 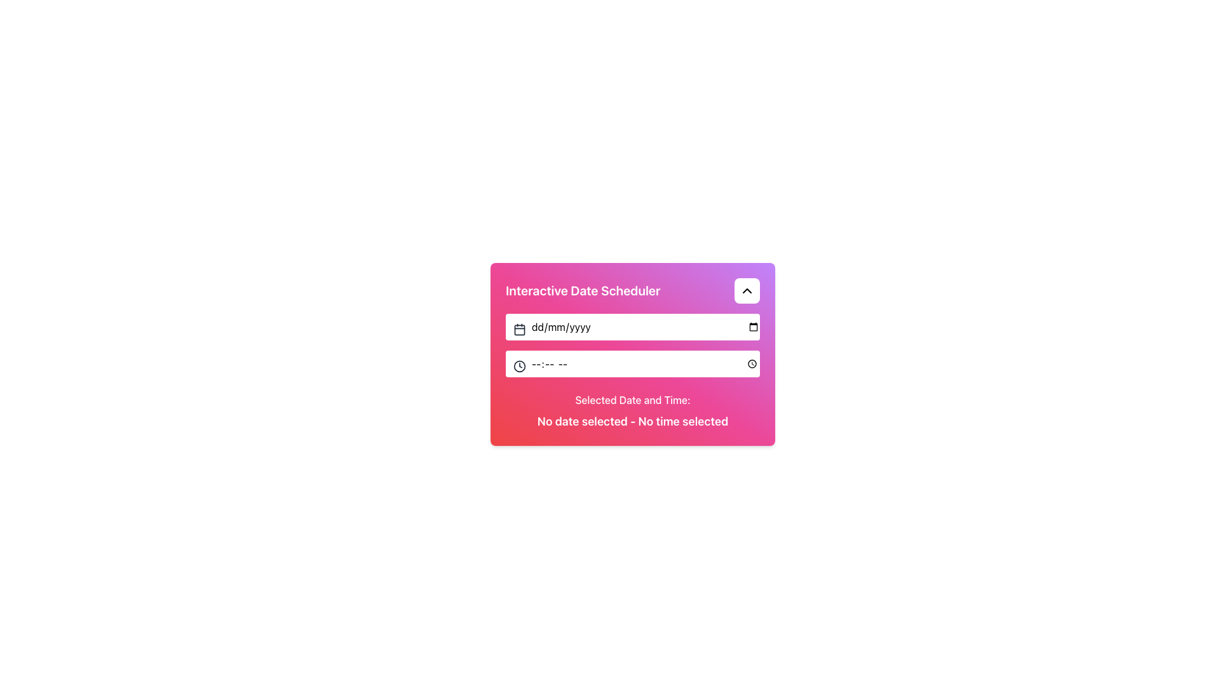 I want to click on the calendar icon, which is a minimalist outline illustration styled in dark gray, located to the left of the date input field labeled 'dd/mm/yyyy', so click(x=519, y=328).